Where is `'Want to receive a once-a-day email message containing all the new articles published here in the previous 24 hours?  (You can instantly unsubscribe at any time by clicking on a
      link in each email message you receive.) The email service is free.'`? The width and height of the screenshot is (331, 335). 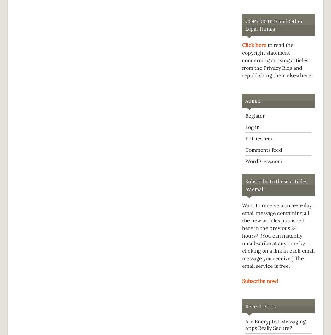
'Want to receive a once-a-day email message containing all the new articles published here in the previous 24 hours?  (You can instantly unsubscribe at any time by clicking on a
      link in each email message you receive.) The email service is free.' is located at coordinates (278, 236).